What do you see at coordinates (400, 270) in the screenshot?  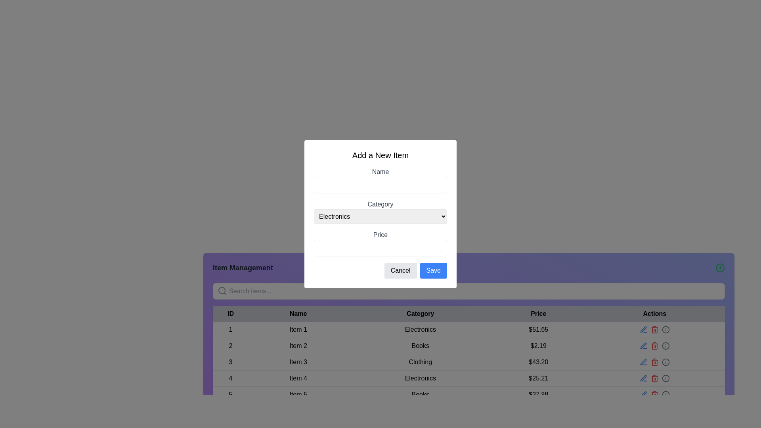 I see `the cancel button located at the bottom center of the dialog box, which is aligned to the left of the 'Save' button` at bounding box center [400, 270].